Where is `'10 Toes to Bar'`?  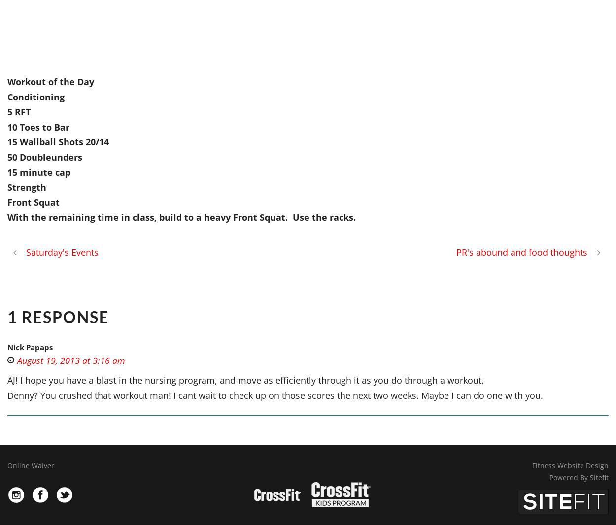
'10 Toes to Bar' is located at coordinates (7, 126).